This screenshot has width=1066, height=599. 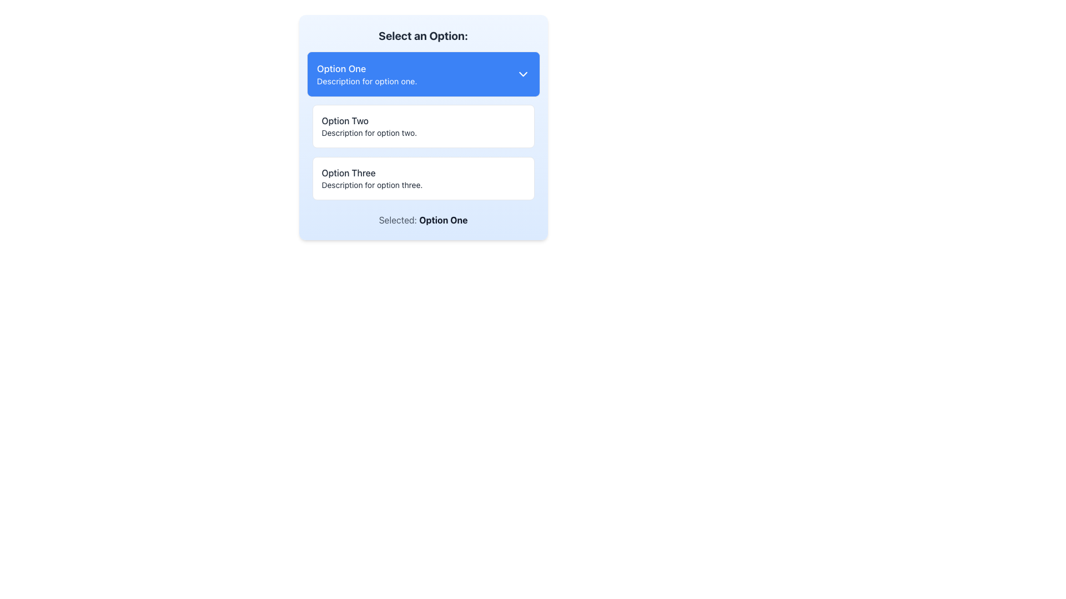 What do you see at coordinates (423, 127) in the screenshot?
I see `the toggleable card labeled 'Option Two' which contains a bold title and a description, located centrally in a card layout between 'Option One' and 'Option Three'` at bounding box center [423, 127].